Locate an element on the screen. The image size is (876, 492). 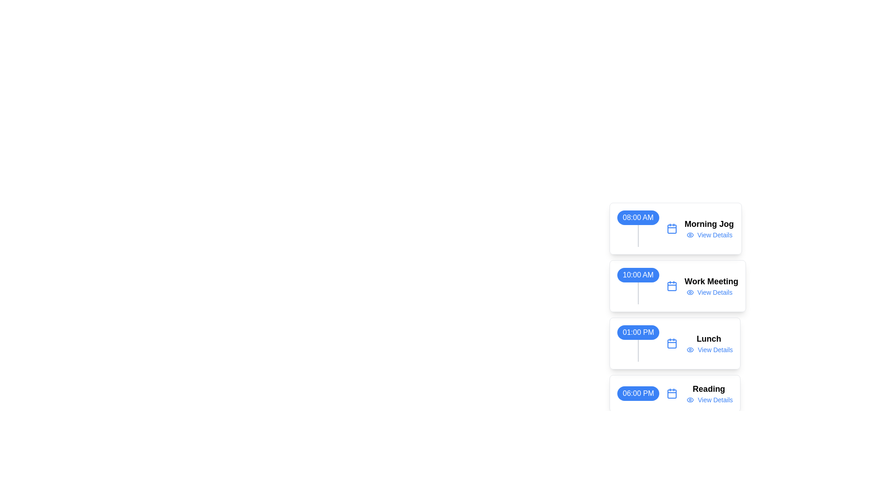
the eye-shaped icon with a blue outline, located to the left of the 'View Details' text for the 'Morning Jog' entry at 08:00 AM is located at coordinates (690, 235).